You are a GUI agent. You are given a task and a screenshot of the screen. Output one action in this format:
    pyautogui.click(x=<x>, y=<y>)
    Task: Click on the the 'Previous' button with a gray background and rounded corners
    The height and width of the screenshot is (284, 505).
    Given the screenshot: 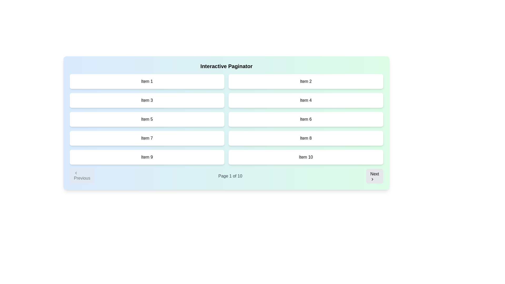 What is the action you would take?
    pyautogui.click(x=82, y=176)
    